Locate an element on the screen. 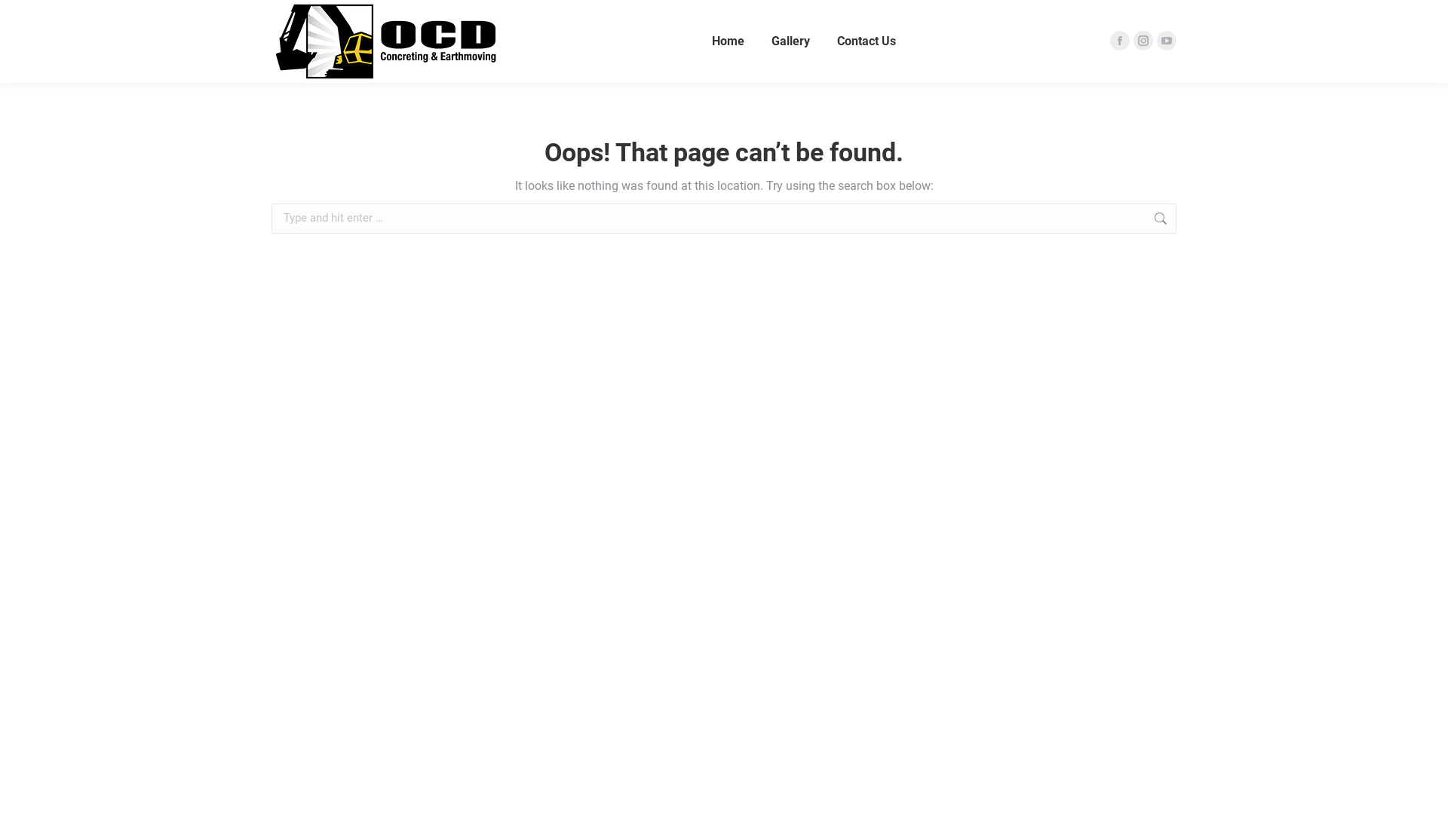  'Gallery' is located at coordinates (790, 40).